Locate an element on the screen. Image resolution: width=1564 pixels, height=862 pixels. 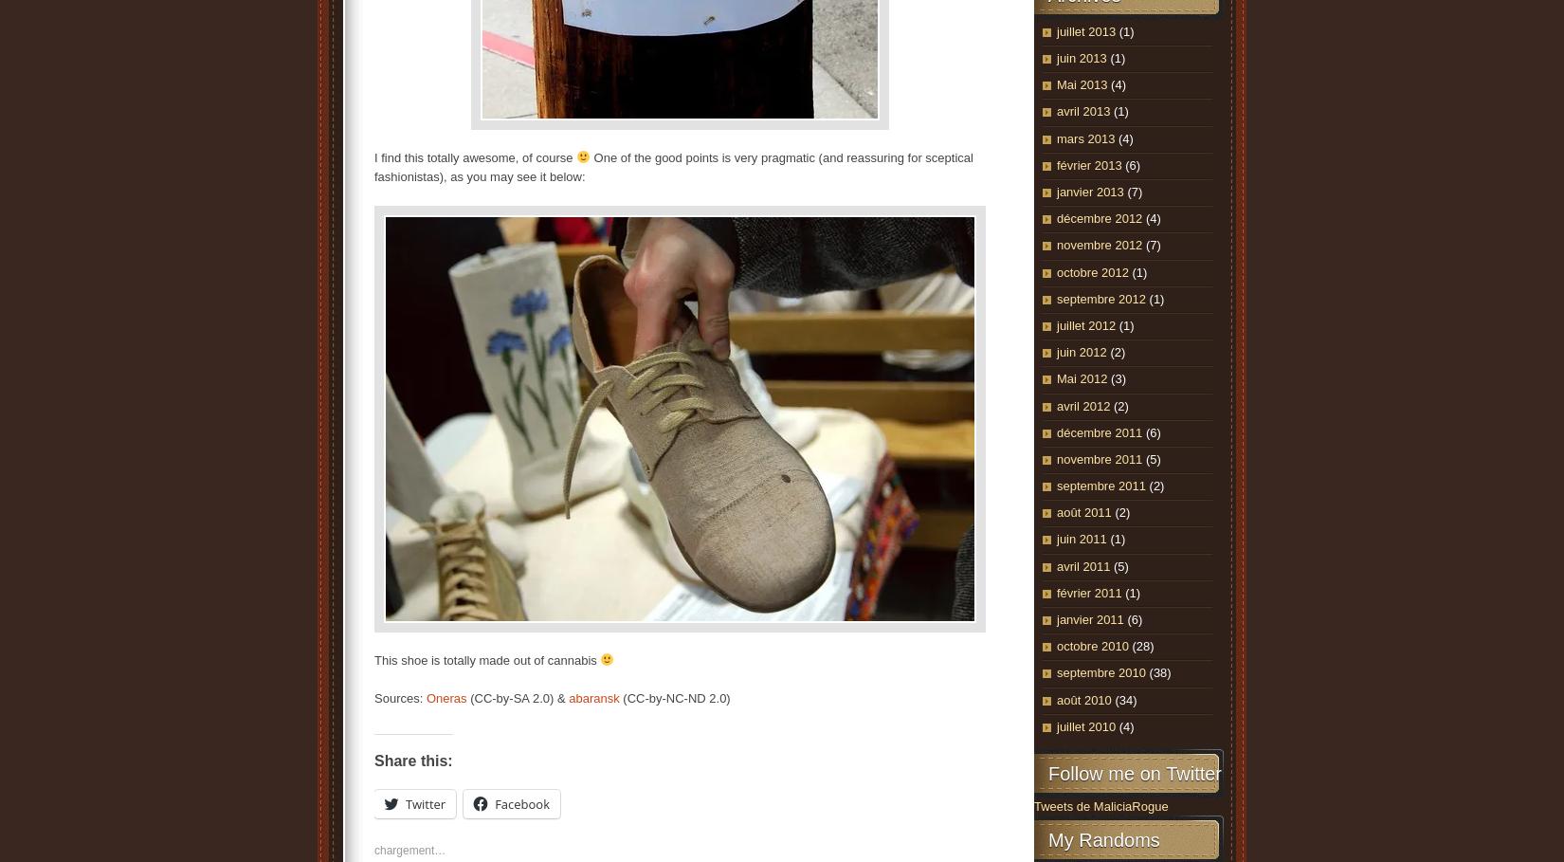
'juillet 2012' is located at coordinates (1085, 324).